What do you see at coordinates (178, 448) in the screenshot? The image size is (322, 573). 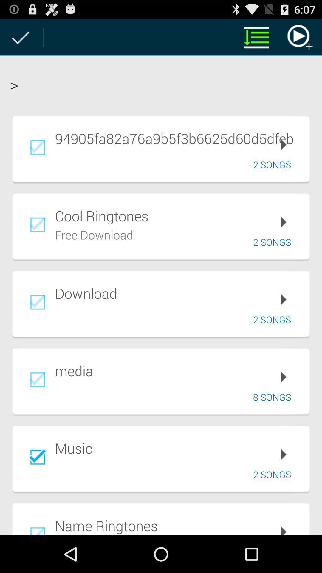 I see `music item` at bounding box center [178, 448].